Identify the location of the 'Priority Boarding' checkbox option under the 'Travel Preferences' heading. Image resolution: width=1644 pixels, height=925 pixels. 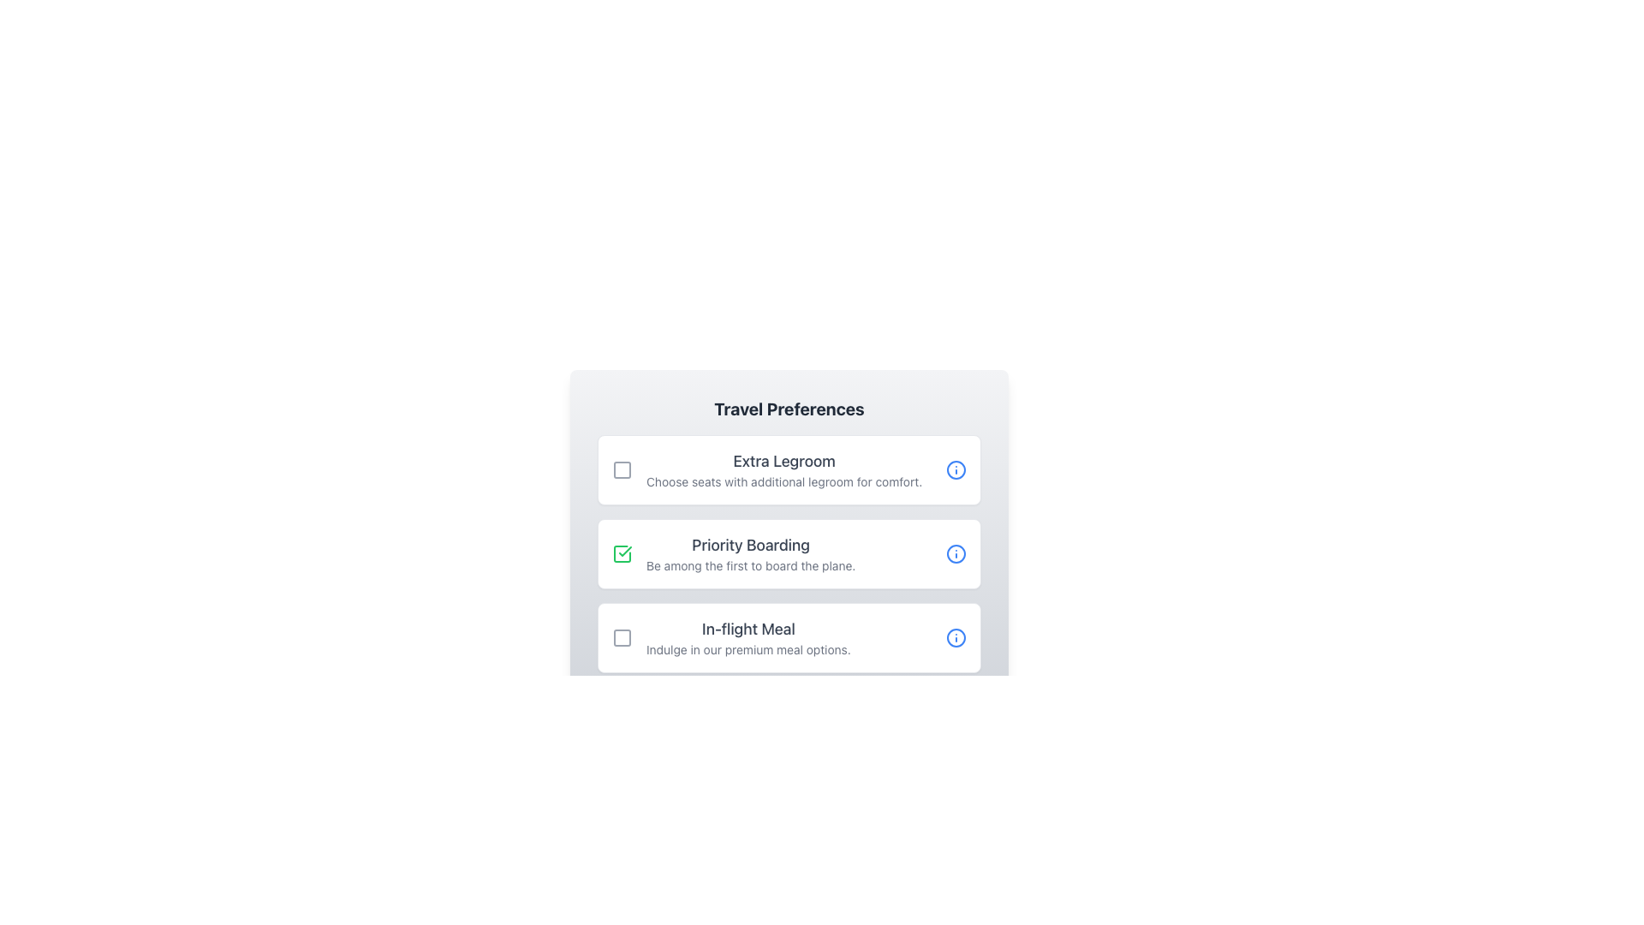
(788, 554).